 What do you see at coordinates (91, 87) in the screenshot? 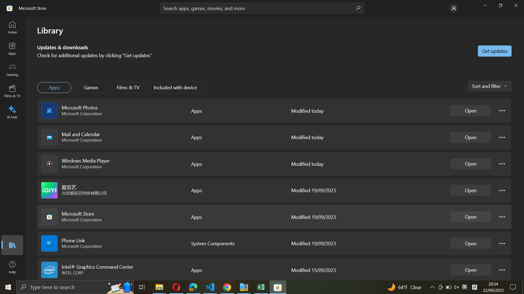
I see `Games` at bounding box center [91, 87].